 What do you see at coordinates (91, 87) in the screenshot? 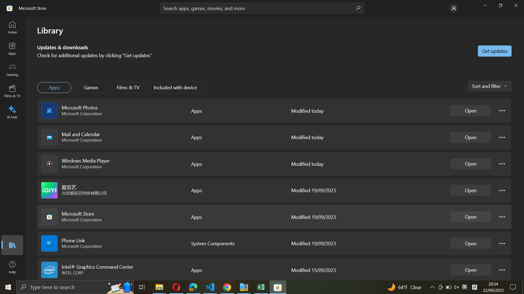
I see `Games` at bounding box center [91, 87].